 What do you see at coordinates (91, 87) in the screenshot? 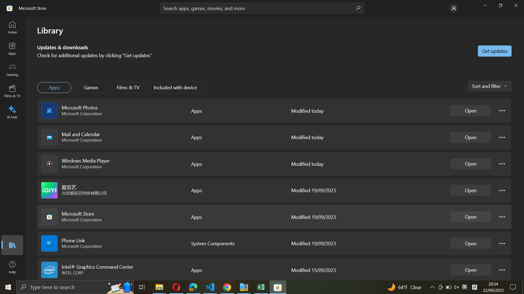
I see `Games` at bounding box center [91, 87].